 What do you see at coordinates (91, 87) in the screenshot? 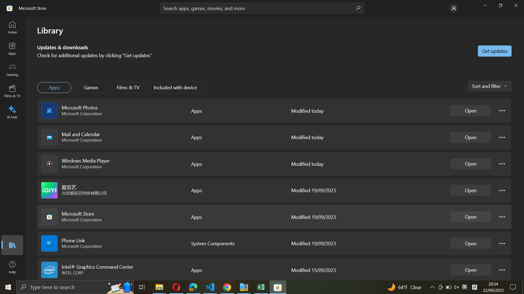
I see `Games` at bounding box center [91, 87].